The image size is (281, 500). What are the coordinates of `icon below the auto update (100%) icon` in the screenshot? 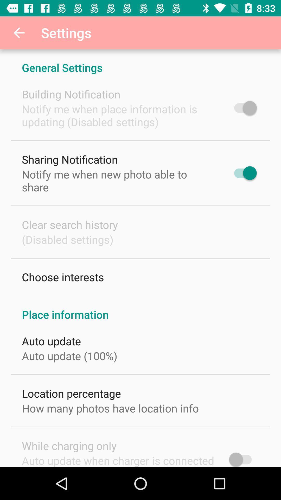 It's located at (71, 393).